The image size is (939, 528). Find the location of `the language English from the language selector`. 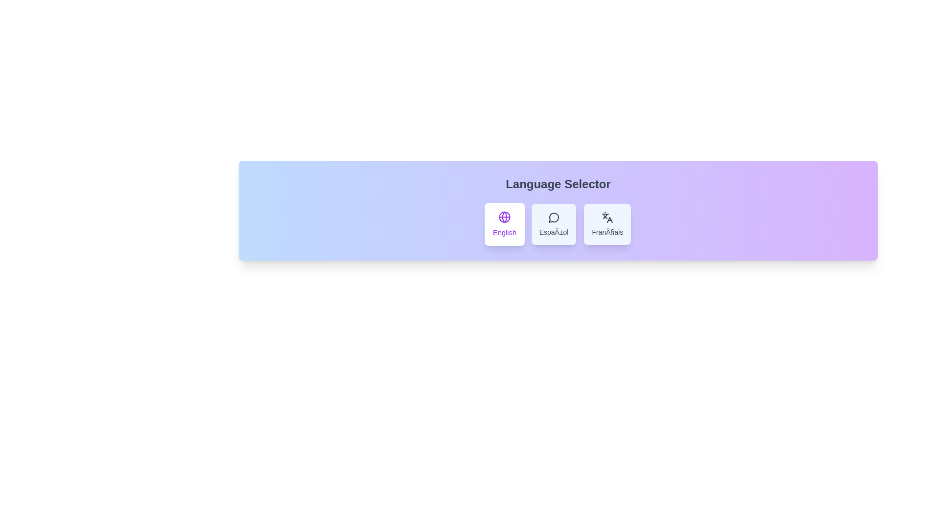

the language English from the language selector is located at coordinates (504, 224).